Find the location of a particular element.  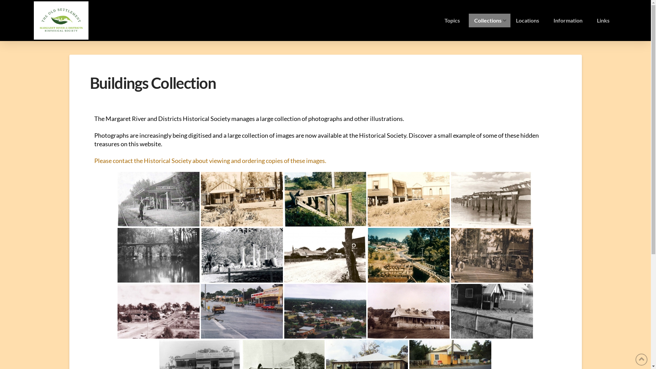

'Back to Top' is located at coordinates (641, 359).